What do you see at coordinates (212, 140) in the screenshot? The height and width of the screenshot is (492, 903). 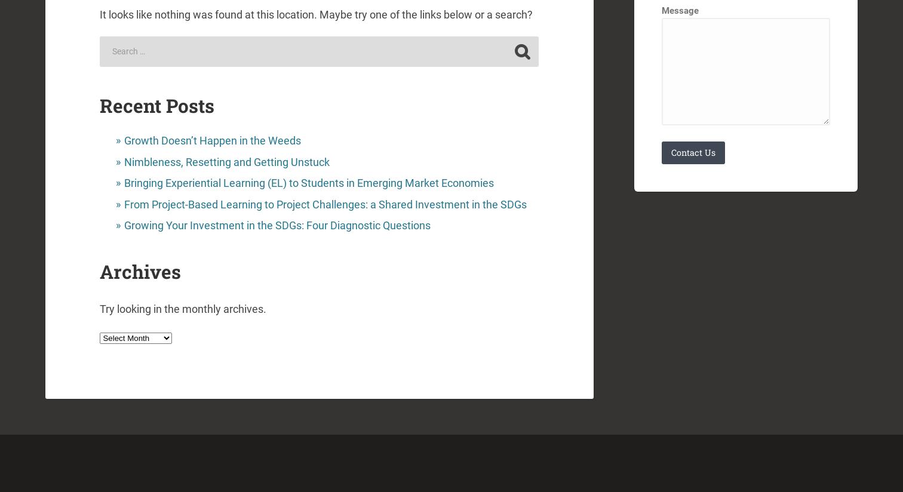 I see `'Growth Doesn’t Happen in the Weeds'` at bounding box center [212, 140].